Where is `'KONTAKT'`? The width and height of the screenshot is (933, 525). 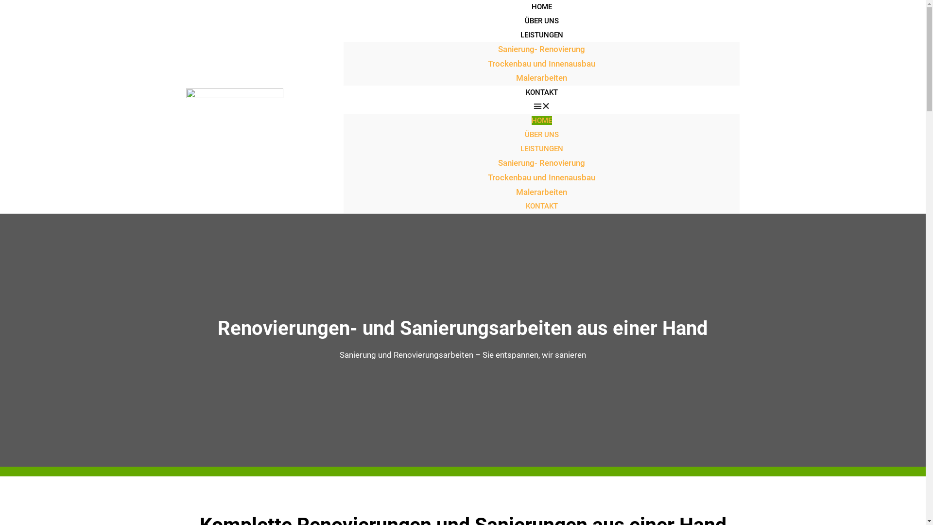 'KONTAKT' is located at coordinates (541, 92).